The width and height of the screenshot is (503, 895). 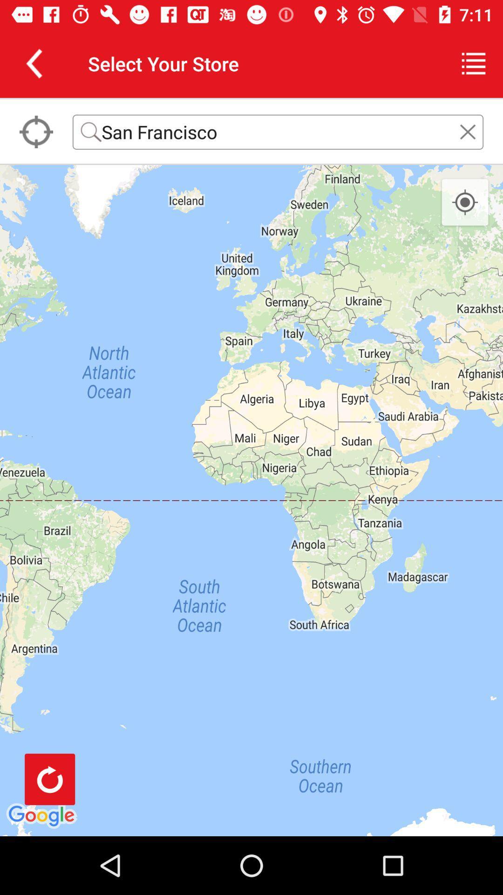 I want to click on the icon at the center, so click(x=251, y=500).